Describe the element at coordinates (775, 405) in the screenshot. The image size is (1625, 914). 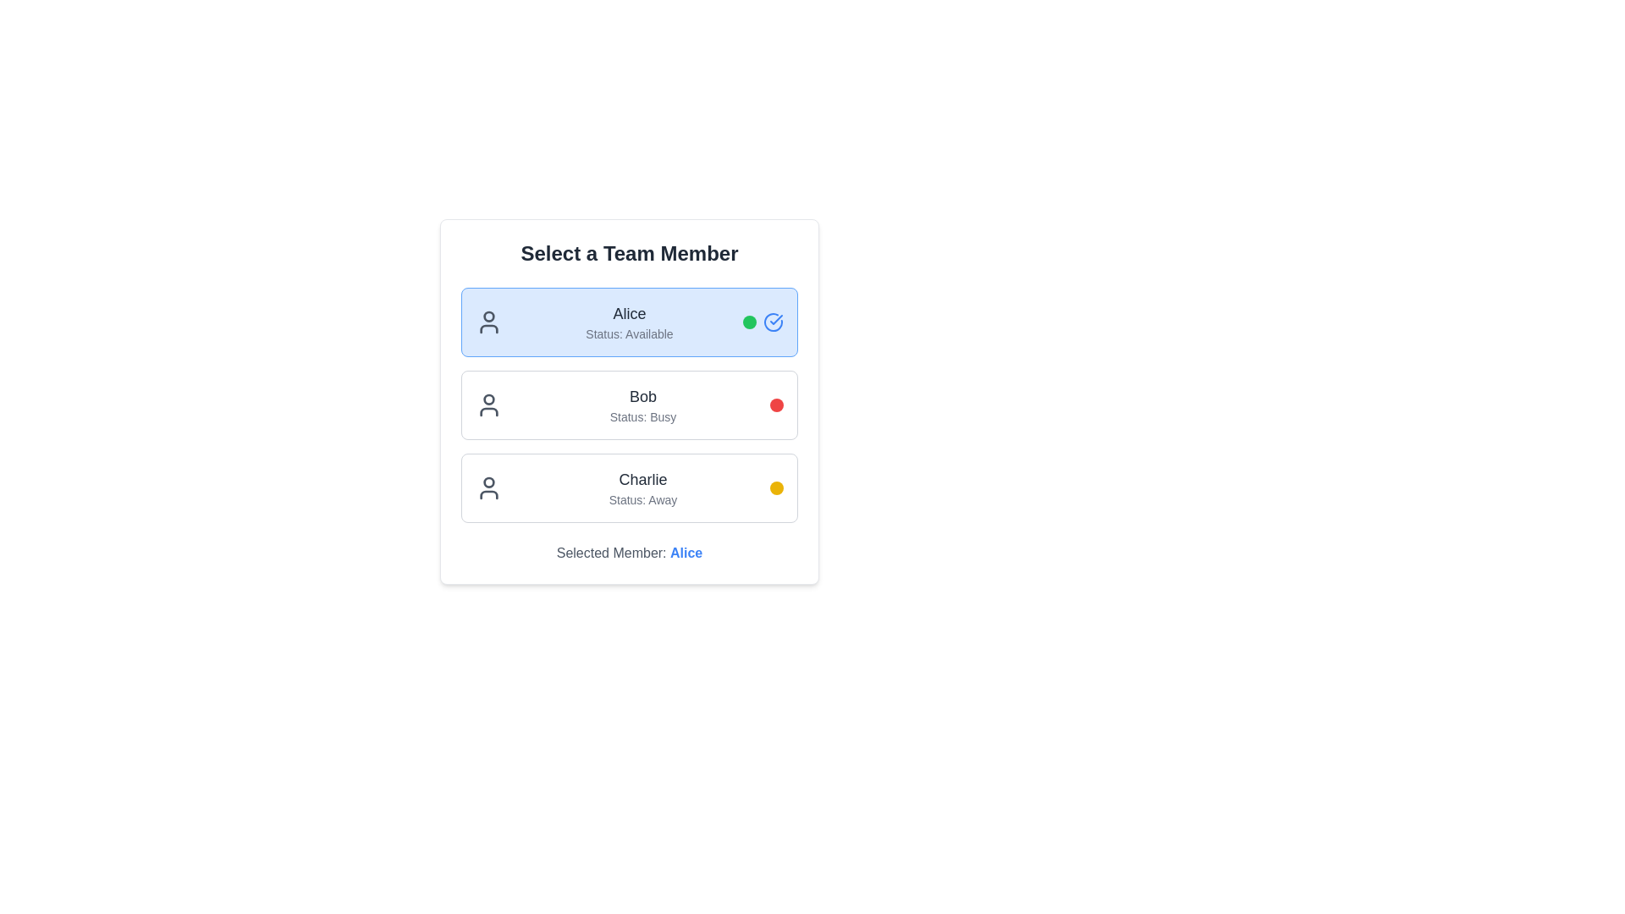
I see `the busy status indicator light associated with 'Bob Status: Busy', positioned to the far right of the text content` at that location.